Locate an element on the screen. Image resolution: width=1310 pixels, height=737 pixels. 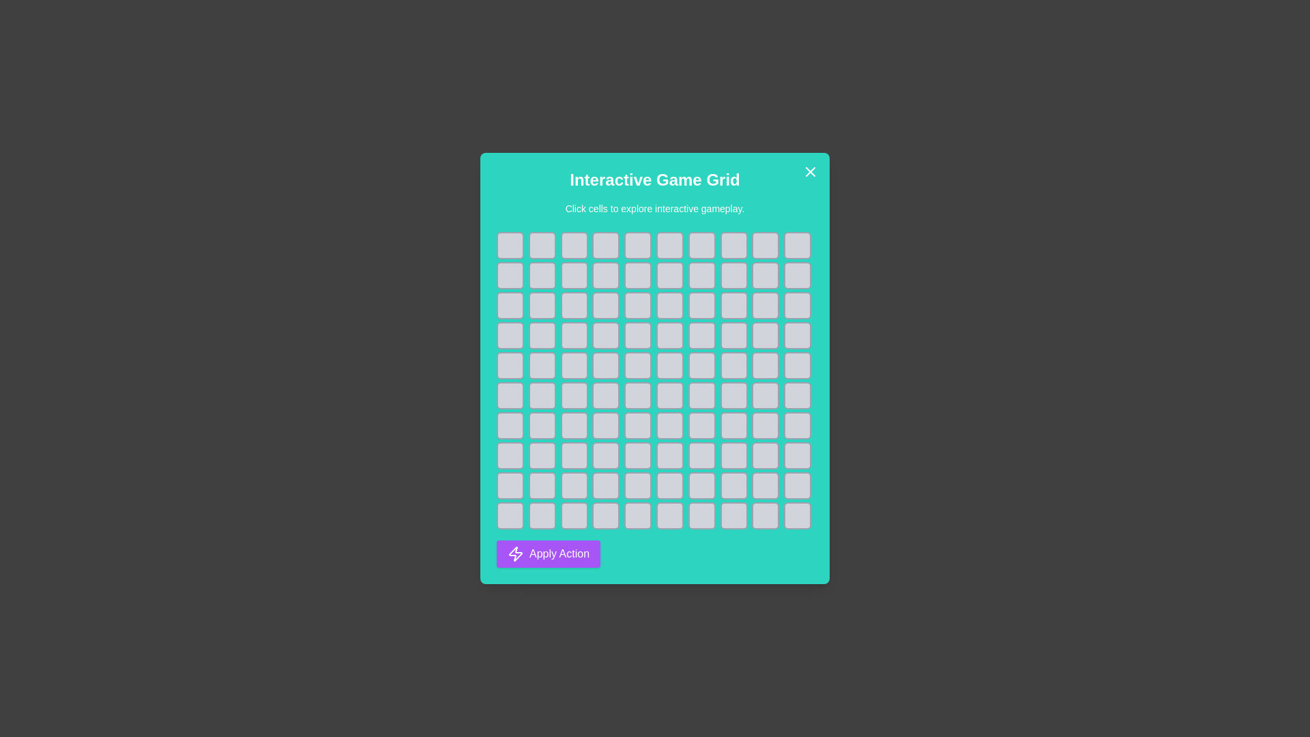
'Apply Action' button is located at coordinates (549, 554).